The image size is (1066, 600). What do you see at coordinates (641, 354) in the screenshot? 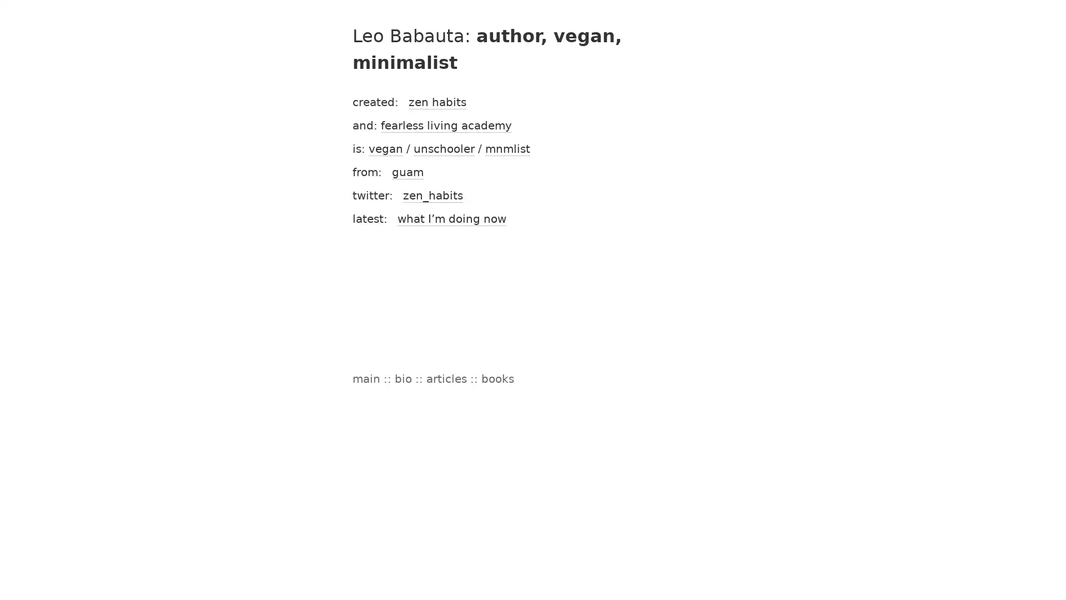
I see `Get Updates` at bounding box center [641, 354].